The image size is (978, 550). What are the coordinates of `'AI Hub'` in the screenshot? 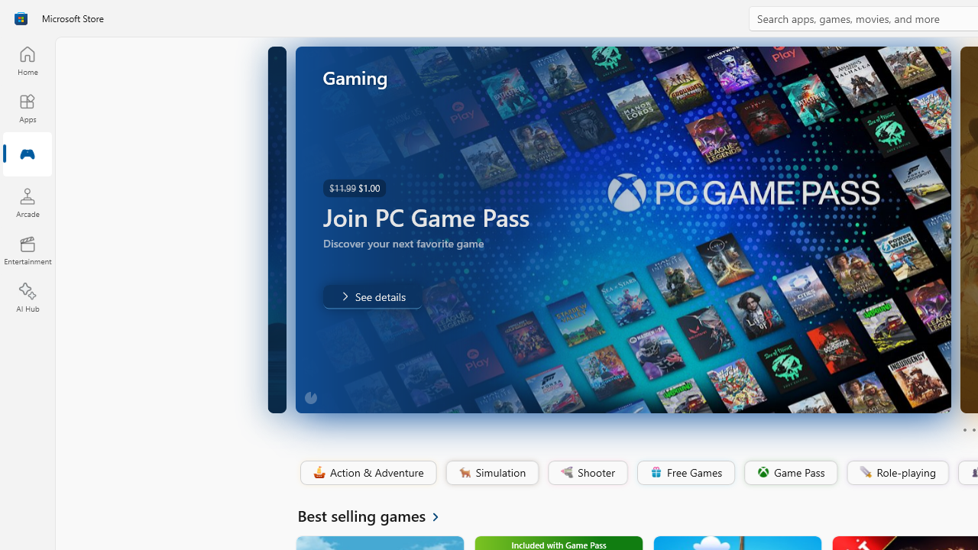 It's located at (27, 298).